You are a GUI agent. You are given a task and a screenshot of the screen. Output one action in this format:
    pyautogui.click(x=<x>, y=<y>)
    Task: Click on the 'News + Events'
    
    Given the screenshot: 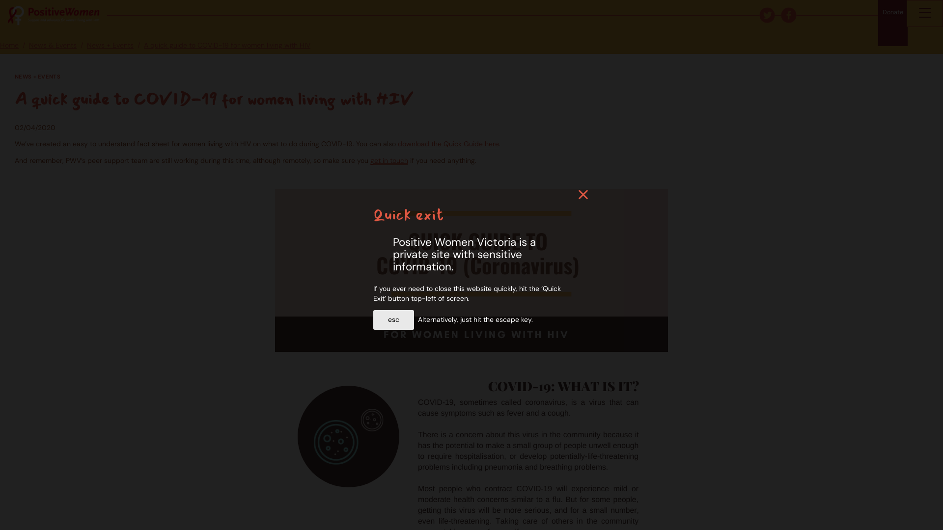 What is the action you would take?
    pyautogui.click(x=110, y=45)
    